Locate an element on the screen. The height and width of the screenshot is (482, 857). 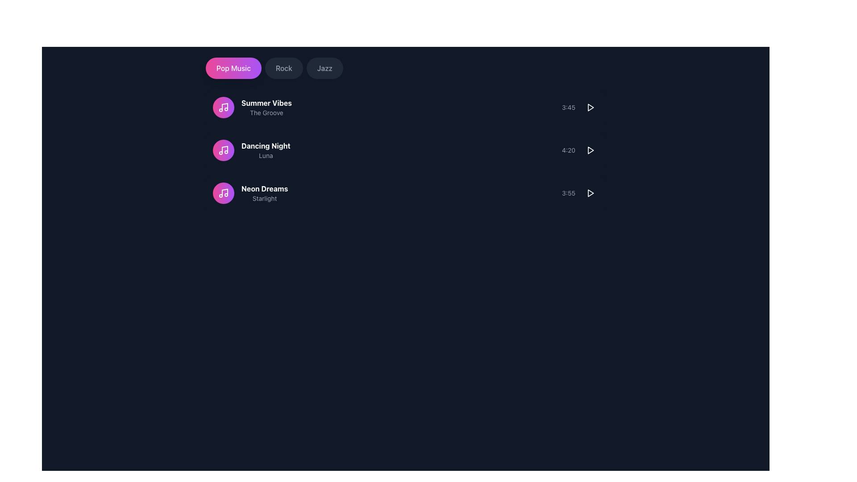
the circular icon representing the music item 'Summer Vibes' is located at coordinates (223, 107).